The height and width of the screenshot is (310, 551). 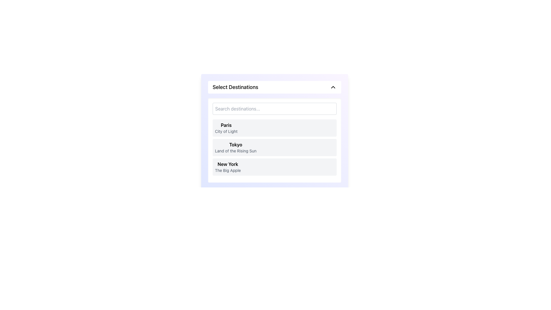 What do you see at coordinates (236, 150) in the screenshot?
I see `the Text Label that provides supplementary information related to the 'Tokyo' selection in the dropdown list` at bounding box center [236, 150].